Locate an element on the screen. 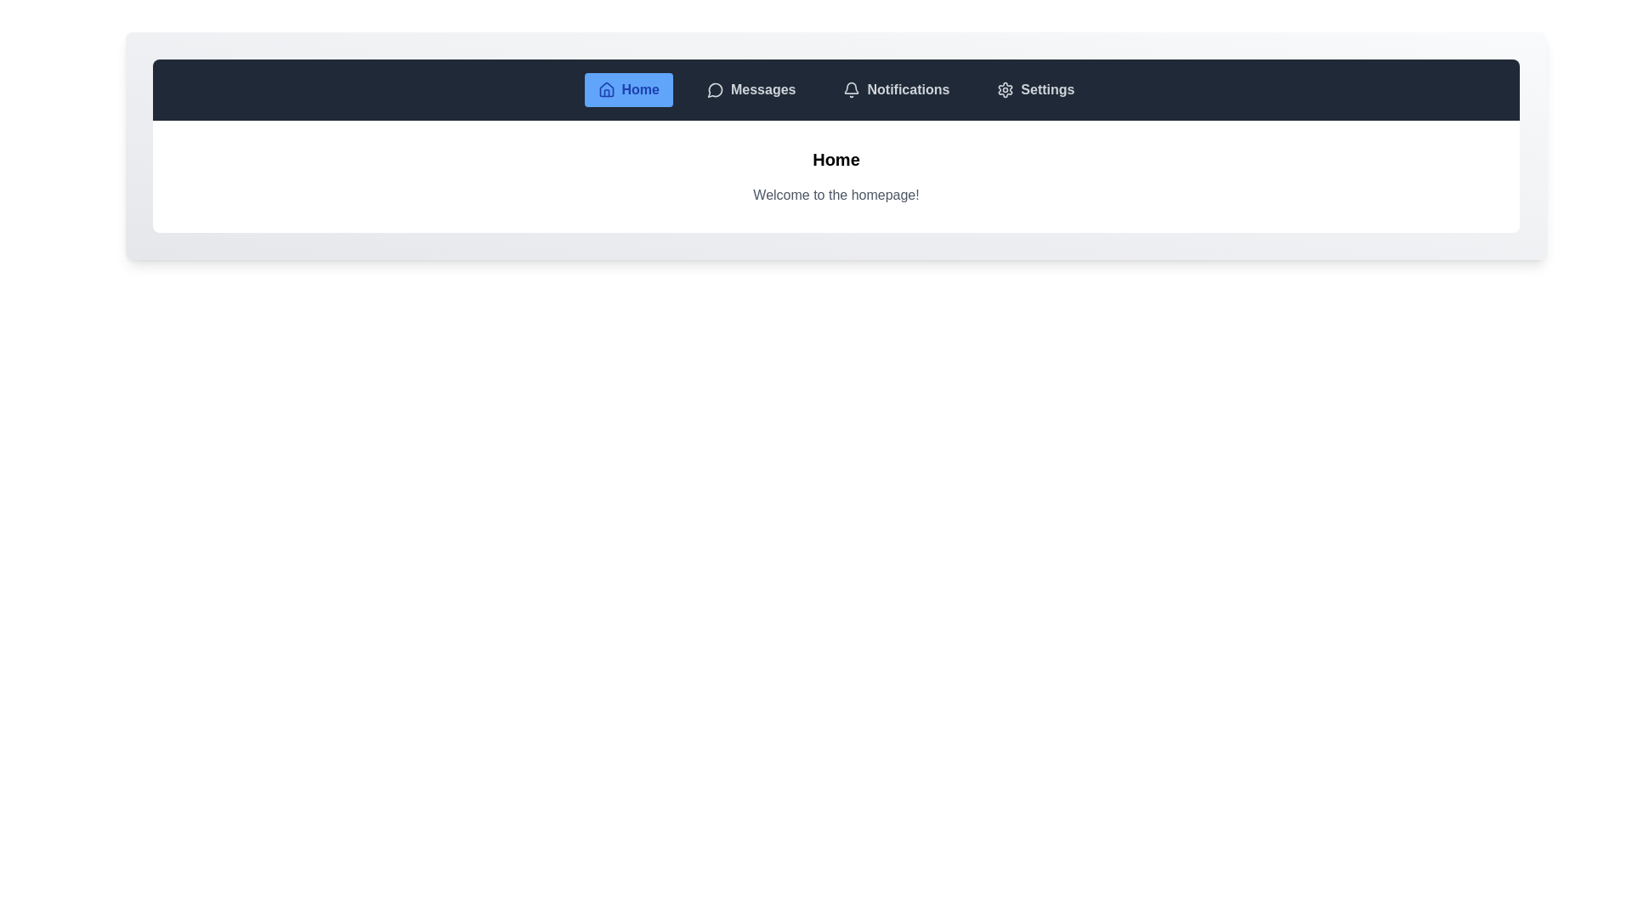 The image size is (1632, 918). the tab labeled Settings to observe its hover effect is located at coordinates (1035, 89).